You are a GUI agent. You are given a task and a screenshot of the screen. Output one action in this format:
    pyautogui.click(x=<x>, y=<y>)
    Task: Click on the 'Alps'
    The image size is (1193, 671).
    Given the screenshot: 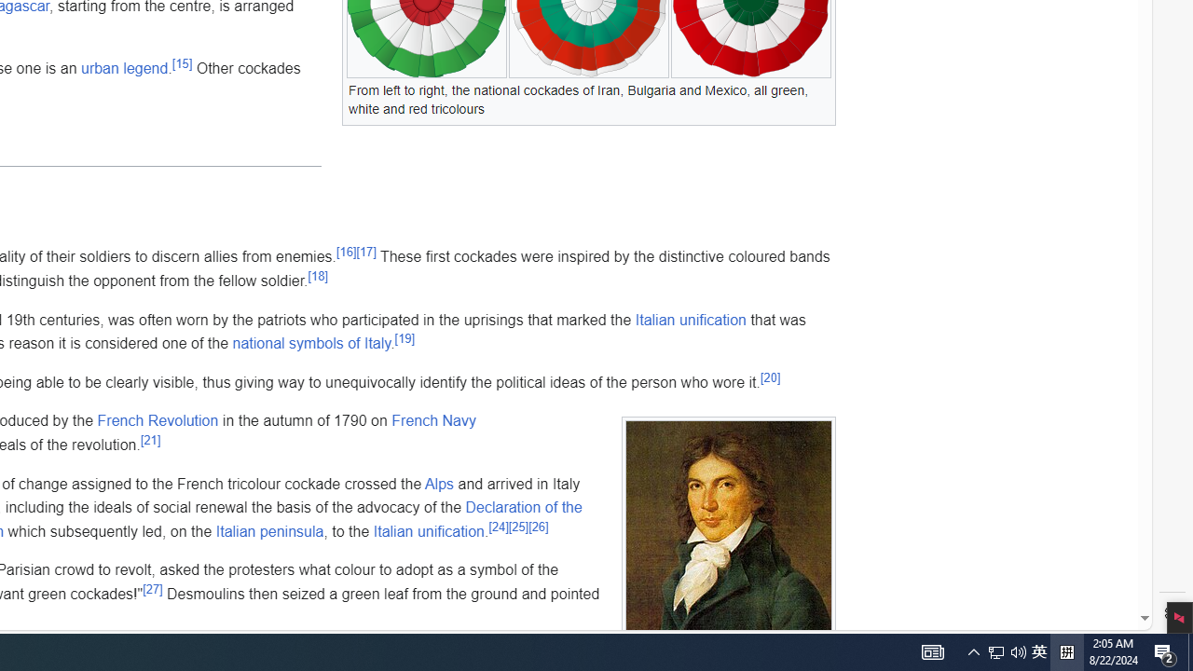 What is the action you would take?
    pyautogui.click(x=438, y=482)
    